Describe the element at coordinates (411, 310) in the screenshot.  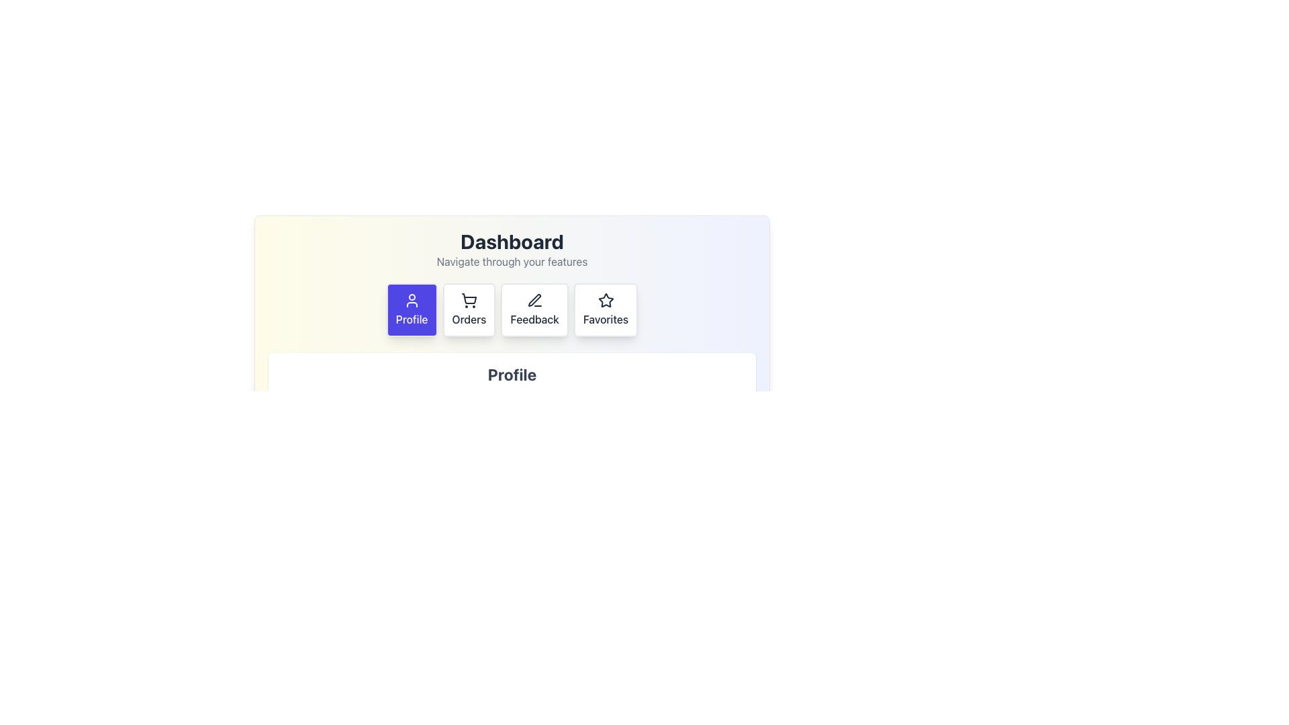
I see `the 'Profile' button, which is the first button in a row of four, featuring a vibrant purple background and a person icon above the text` at that location.